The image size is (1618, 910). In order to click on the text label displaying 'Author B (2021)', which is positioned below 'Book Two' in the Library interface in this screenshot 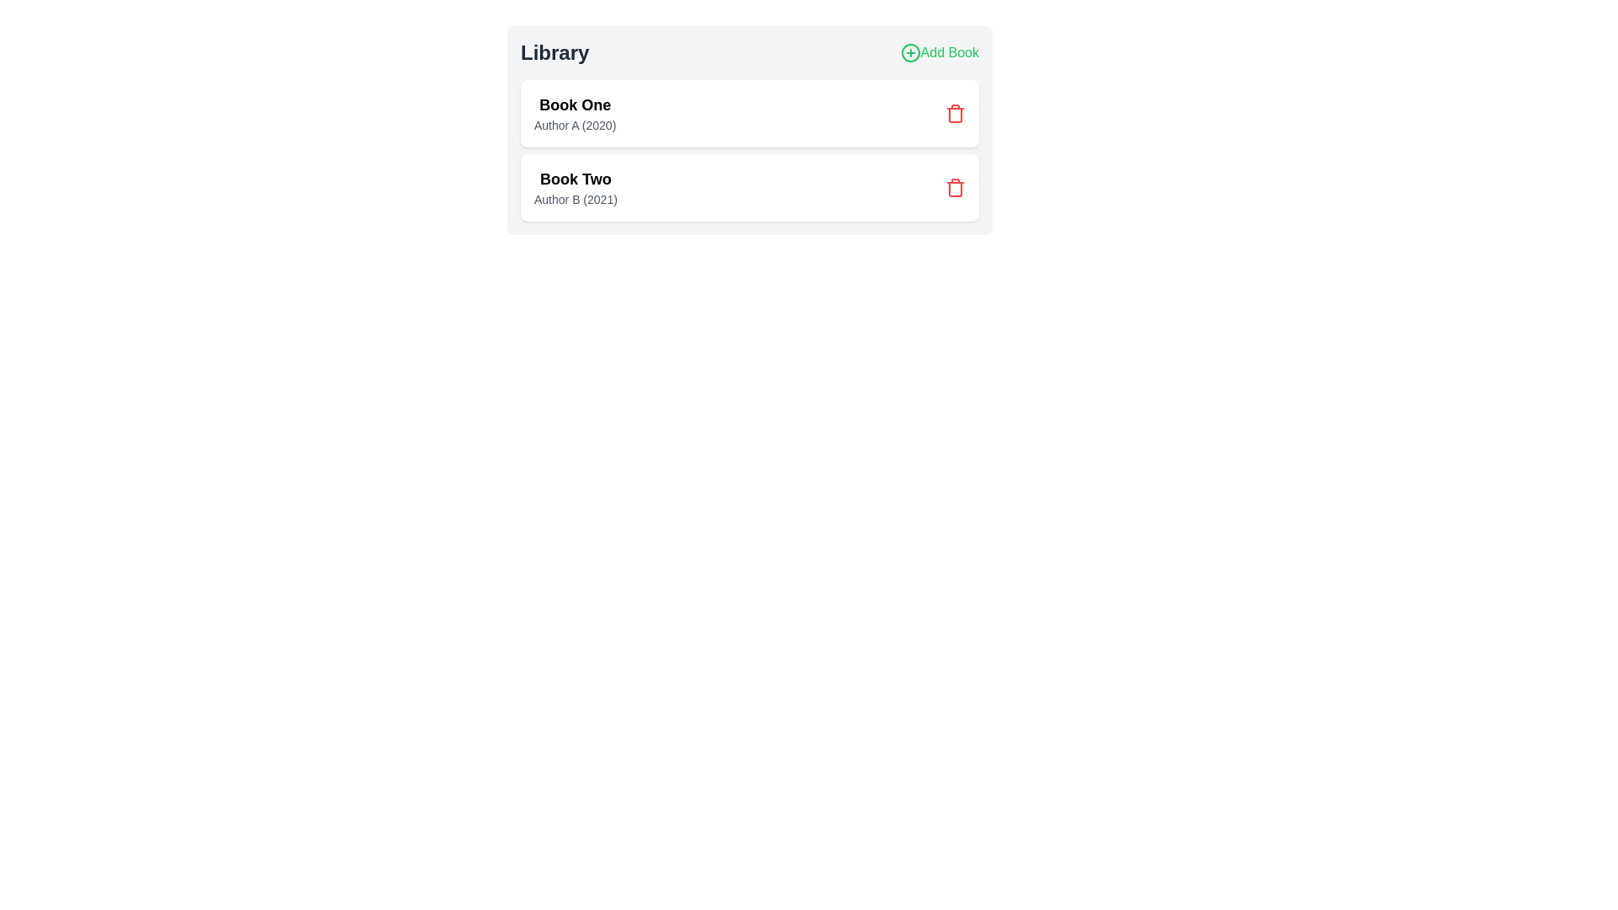, I will do `click(576, 198)`.